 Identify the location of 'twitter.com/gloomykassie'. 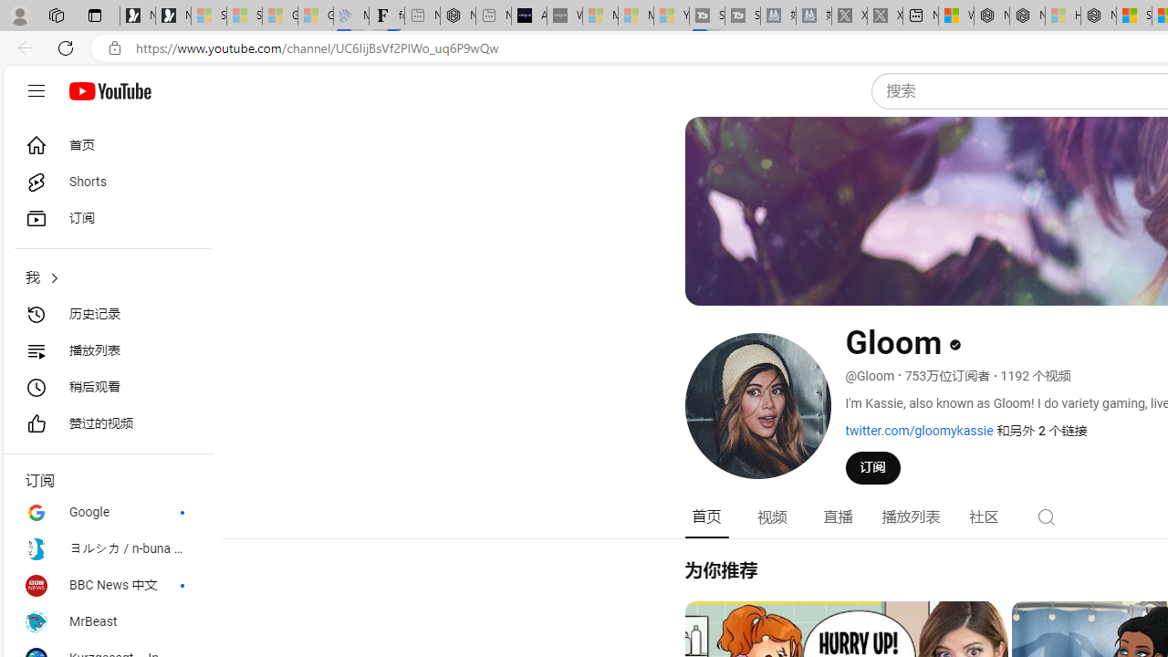
(919, 430).